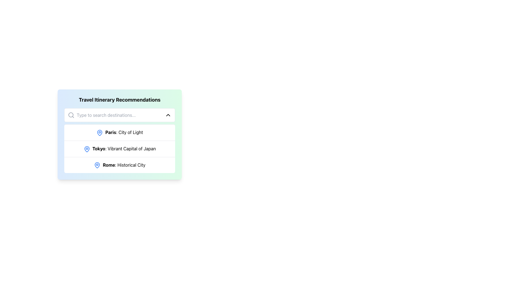 This screenshot has height=299, width=532. Describe the element at coordinates (86, 149) in the screenshot. I see `the primary visual pin indicating 'Paris: City of Light'` at that location.